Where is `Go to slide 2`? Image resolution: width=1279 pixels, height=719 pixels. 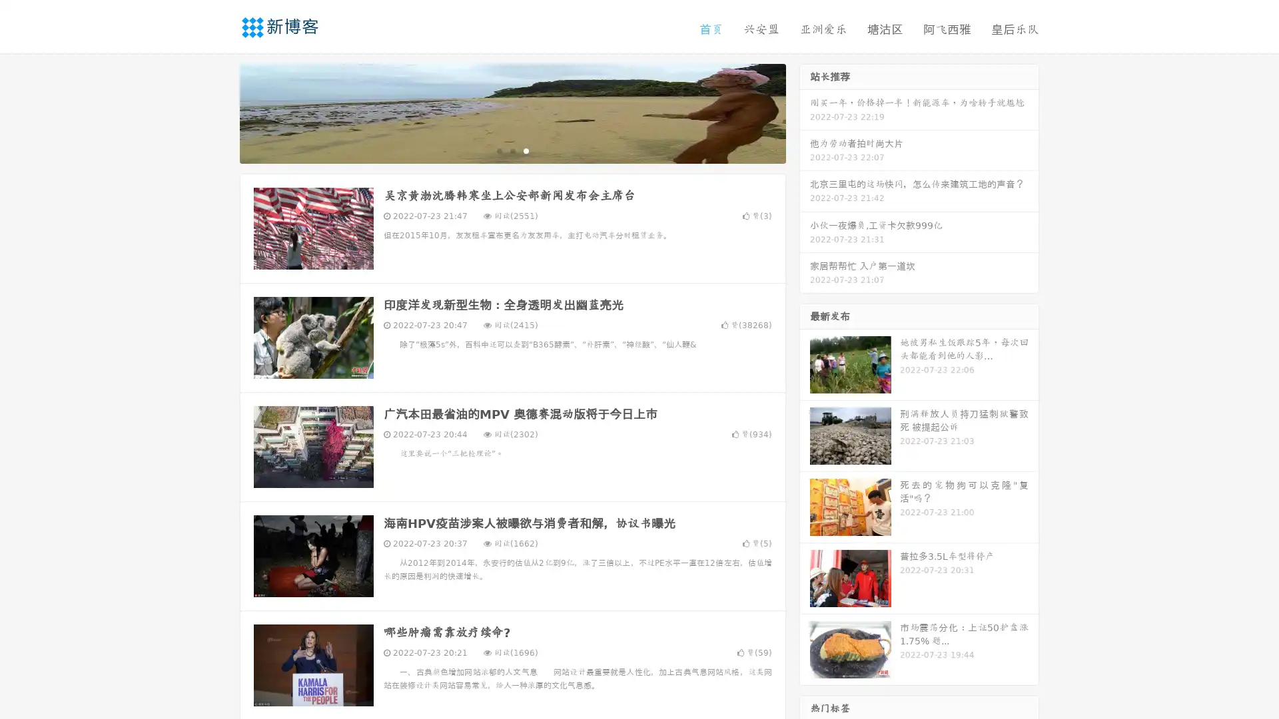
Go to slide 2 is located at coordinates (512, 150).